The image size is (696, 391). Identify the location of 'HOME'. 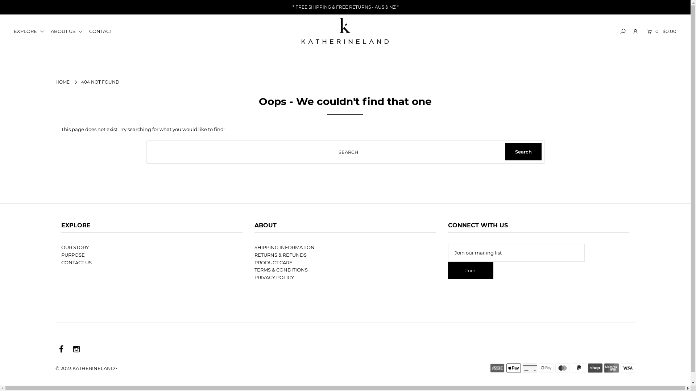
(55, 81).